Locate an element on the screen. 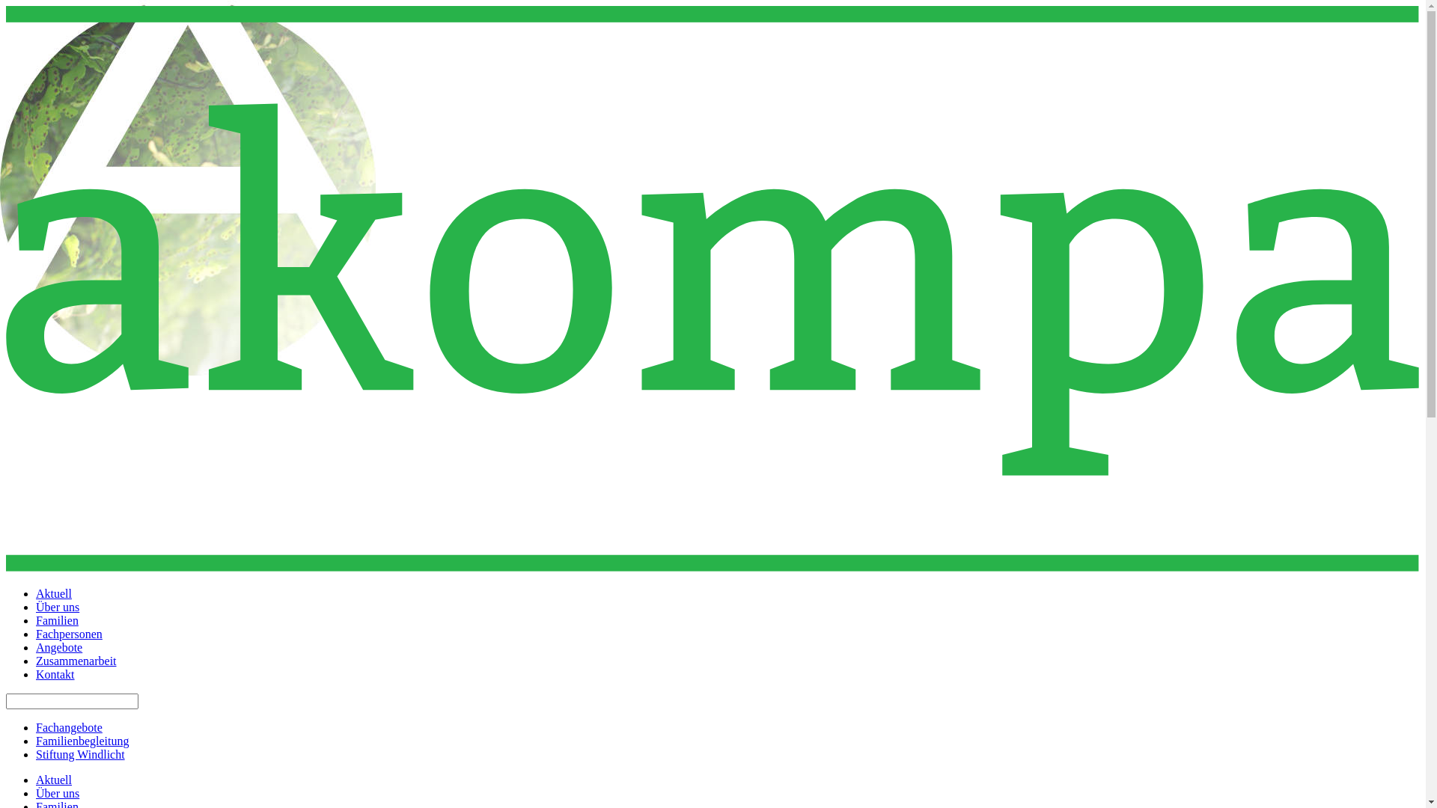  'Fachpersonen' is located at coordinates (68, 634).